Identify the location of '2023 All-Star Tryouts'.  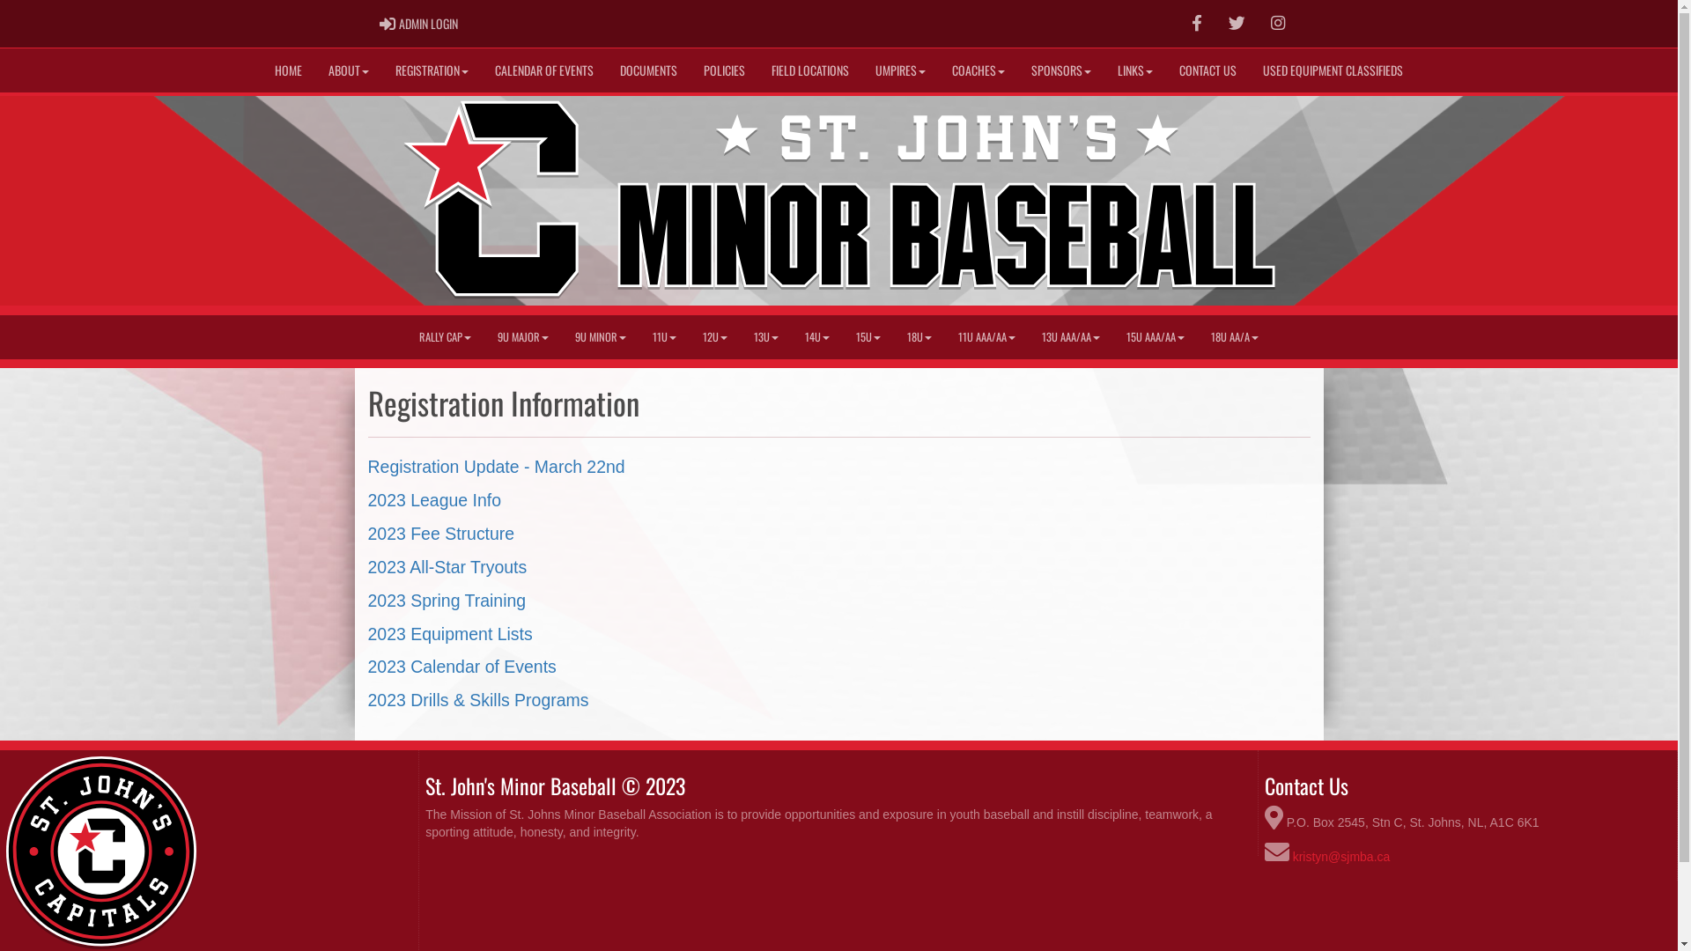
(447, 567).